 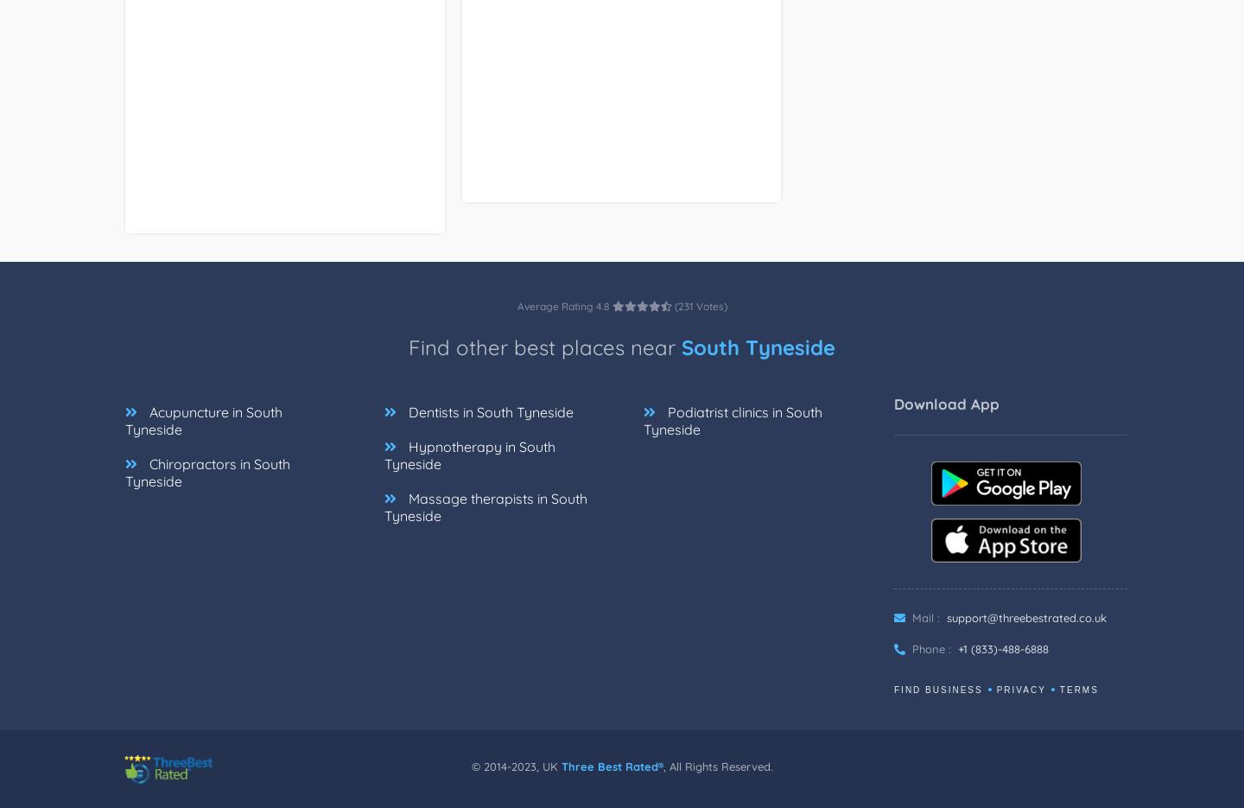 What do you see at coordinates (945, 616) in the screenshot?
I see `'support@threebestrated.co.uk'` at bounding box center [945, 616].